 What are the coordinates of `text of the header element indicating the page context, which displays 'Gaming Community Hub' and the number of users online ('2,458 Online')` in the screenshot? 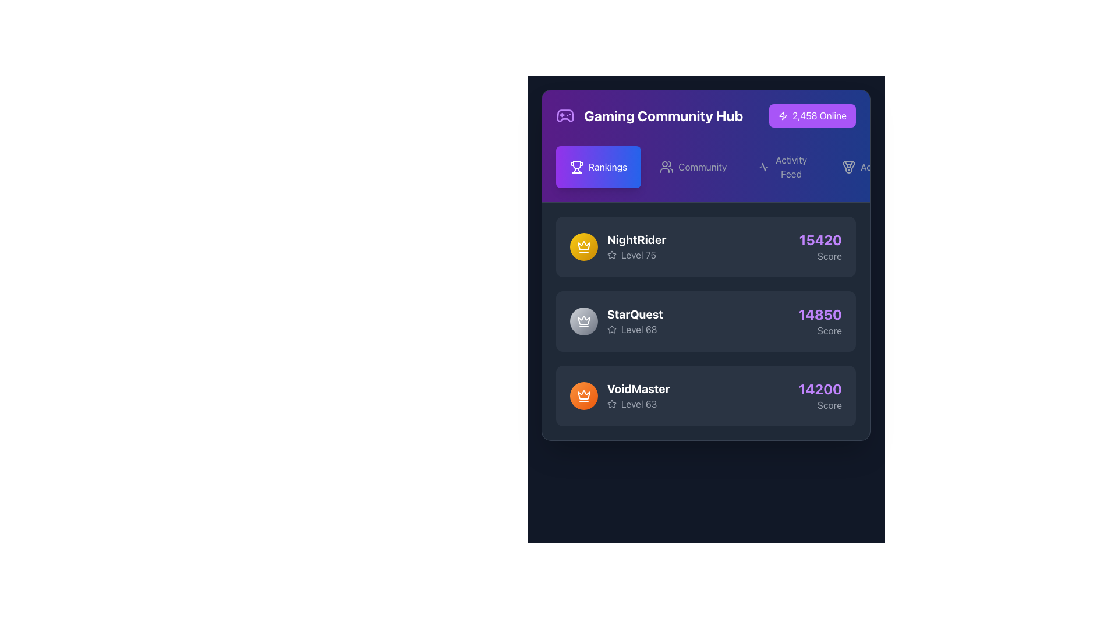 It's located at (705, 116).